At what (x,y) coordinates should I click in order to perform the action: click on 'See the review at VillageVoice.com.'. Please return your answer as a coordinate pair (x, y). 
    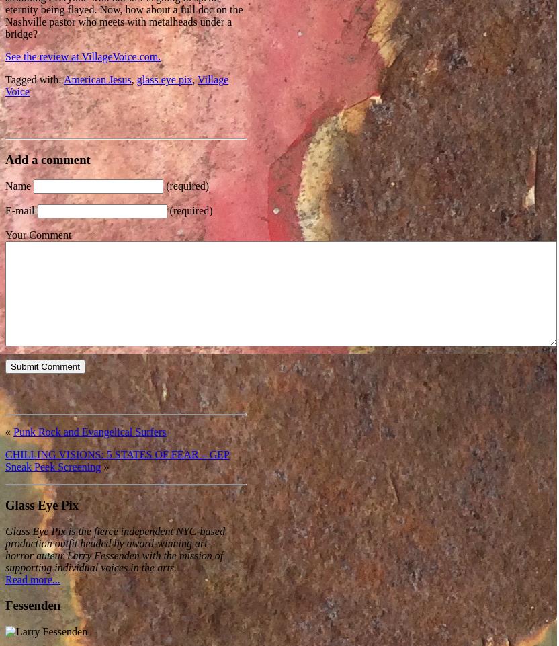
    Looking at the image, I should click on (83, 56).